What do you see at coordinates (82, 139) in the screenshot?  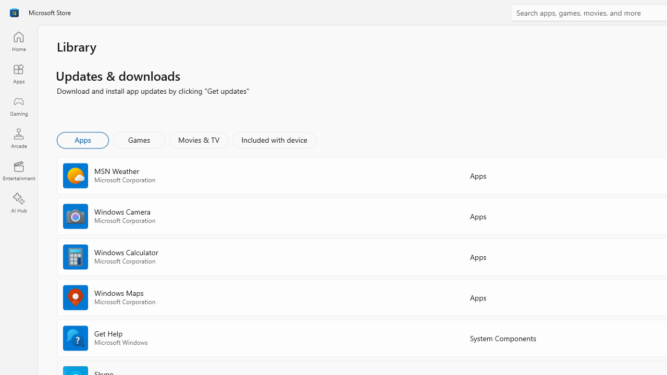 I see `'Apps'` at bounding box center [82, 139].